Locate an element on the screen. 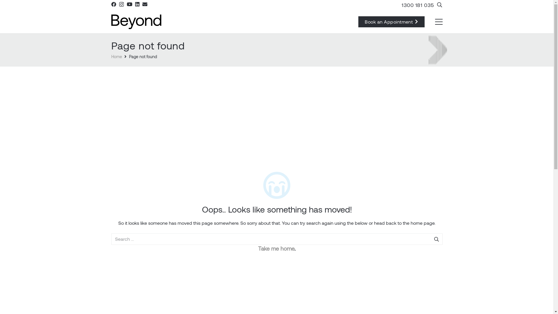 This screenshot has height=314, width=558. 'See Our Locations' is located at coordinates (317, 241).